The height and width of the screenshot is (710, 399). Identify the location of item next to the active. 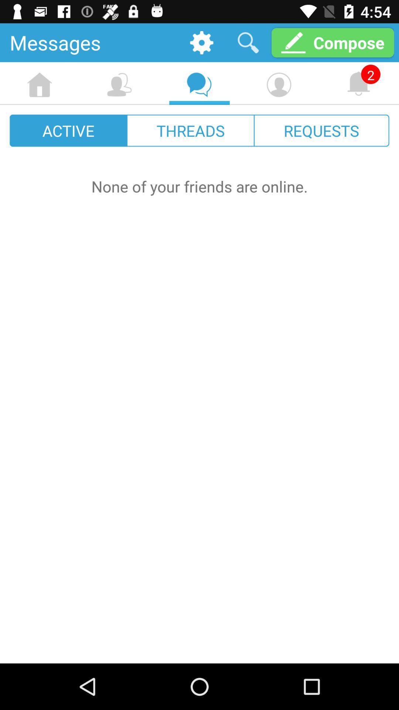
(190, 131).